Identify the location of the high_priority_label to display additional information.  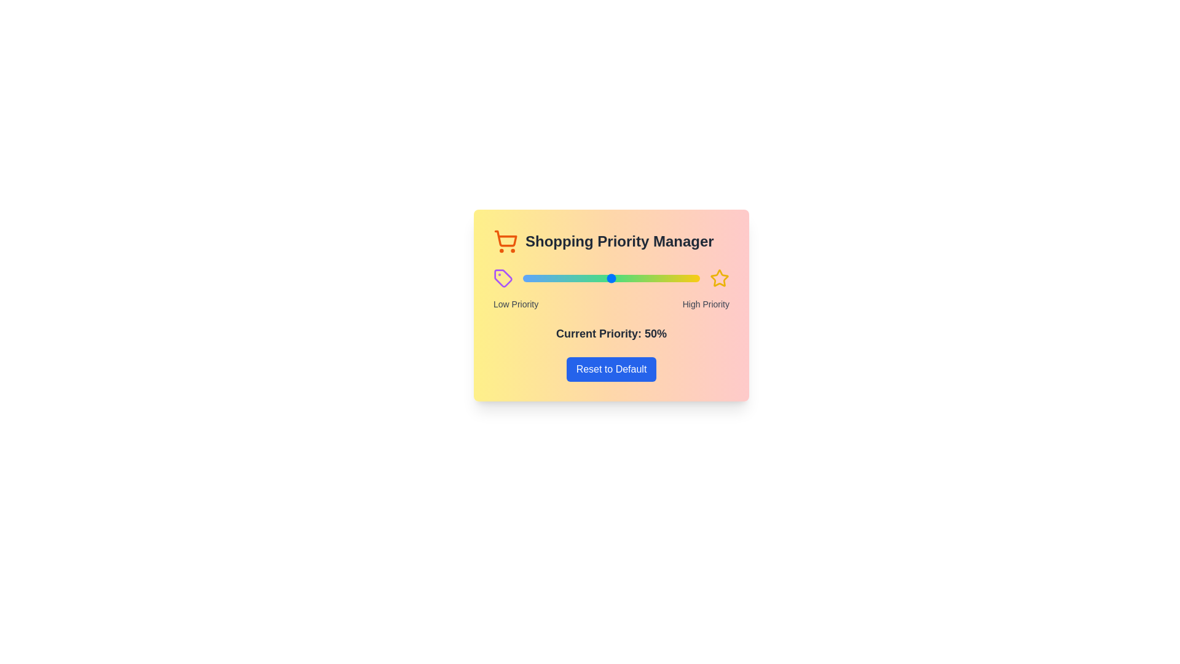
(705, 304).